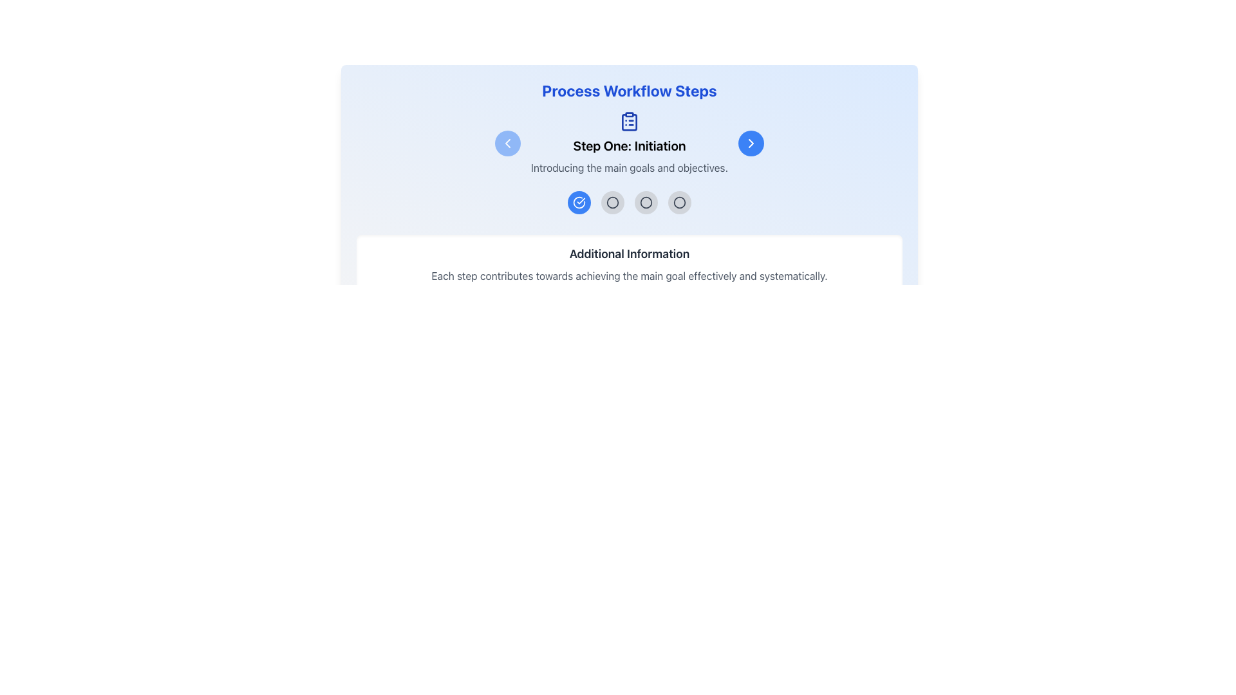  I want to click on the fourth circular graphic indicator in the Process Workflow Steps section, which represents a step indicator in a multi-step workflow, so click(679, 203).